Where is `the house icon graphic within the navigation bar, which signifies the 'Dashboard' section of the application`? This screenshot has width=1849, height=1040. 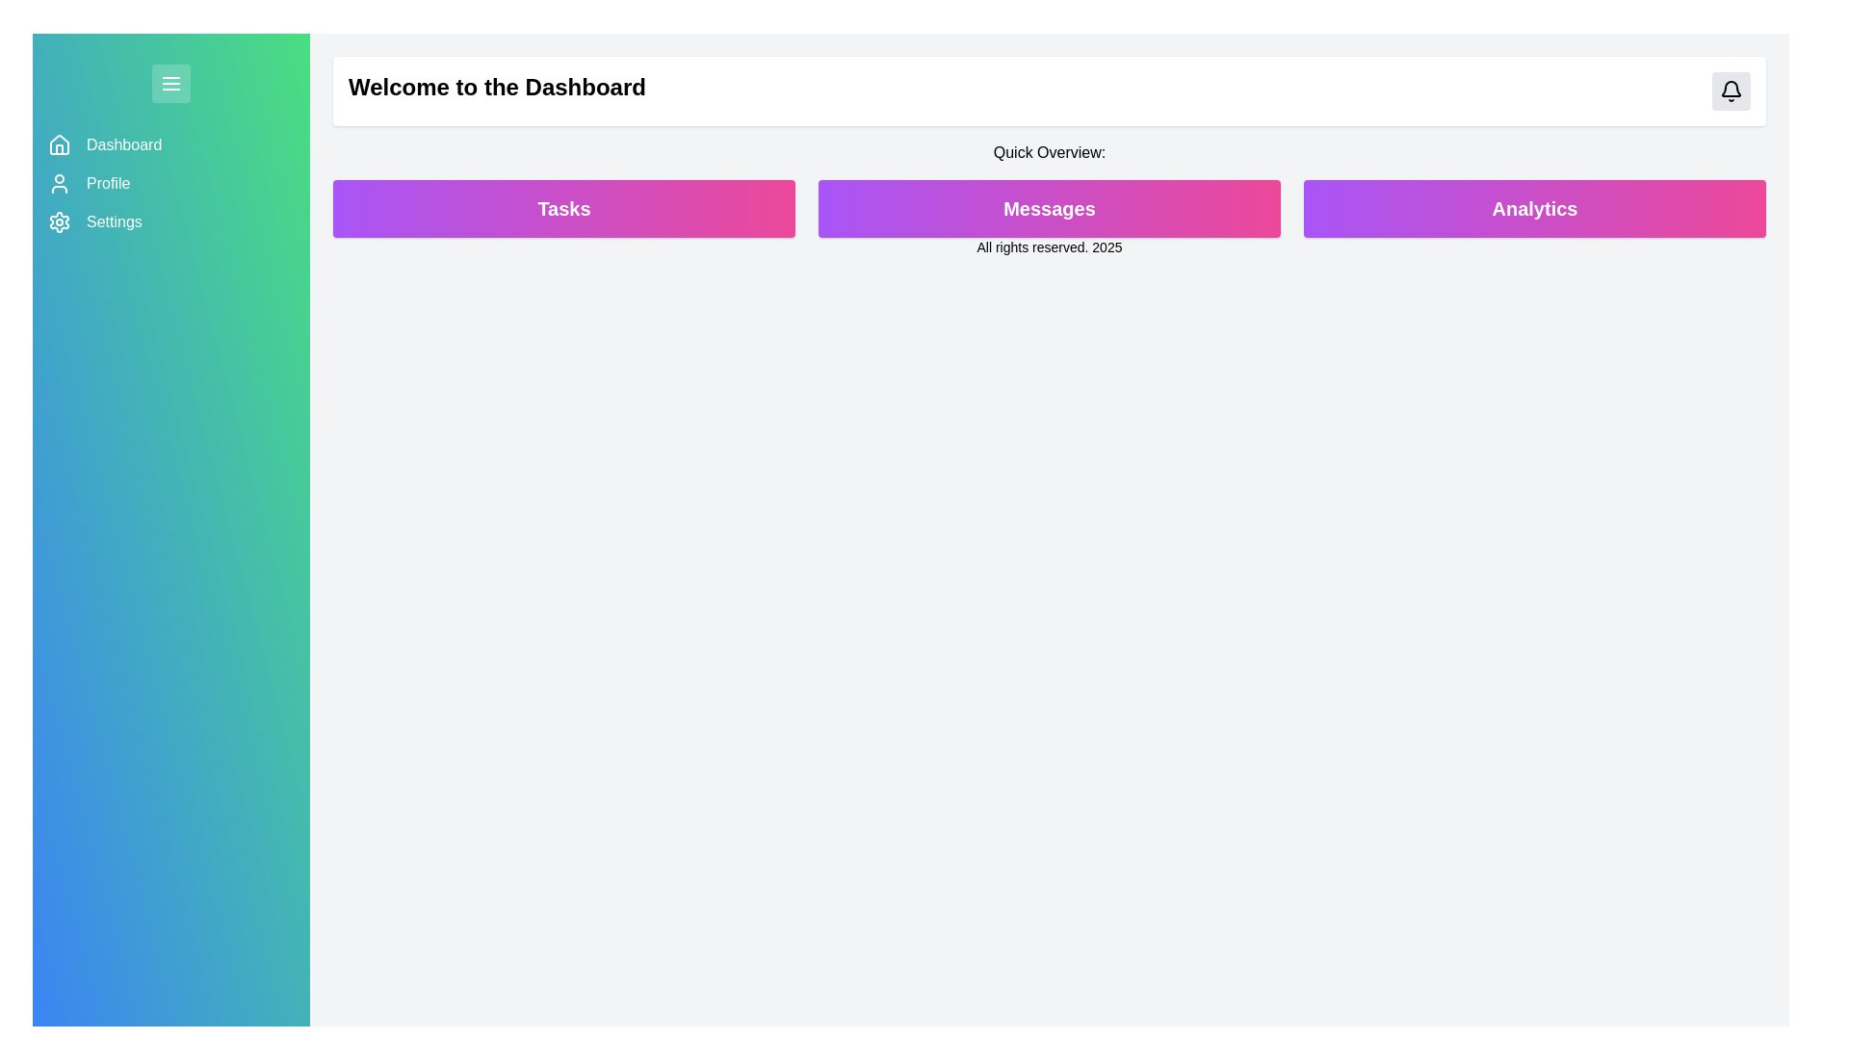
the house icon graphic within the navigation bar, which signifies the 'Dashboard' section of the application is located at coordinates (60, 143).